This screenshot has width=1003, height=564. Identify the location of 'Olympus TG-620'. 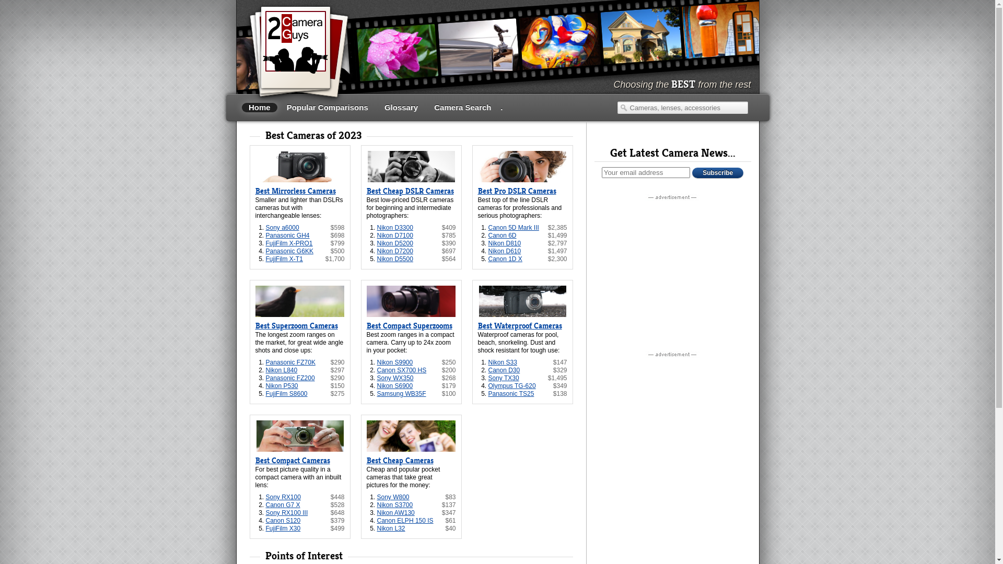
(511, 386).